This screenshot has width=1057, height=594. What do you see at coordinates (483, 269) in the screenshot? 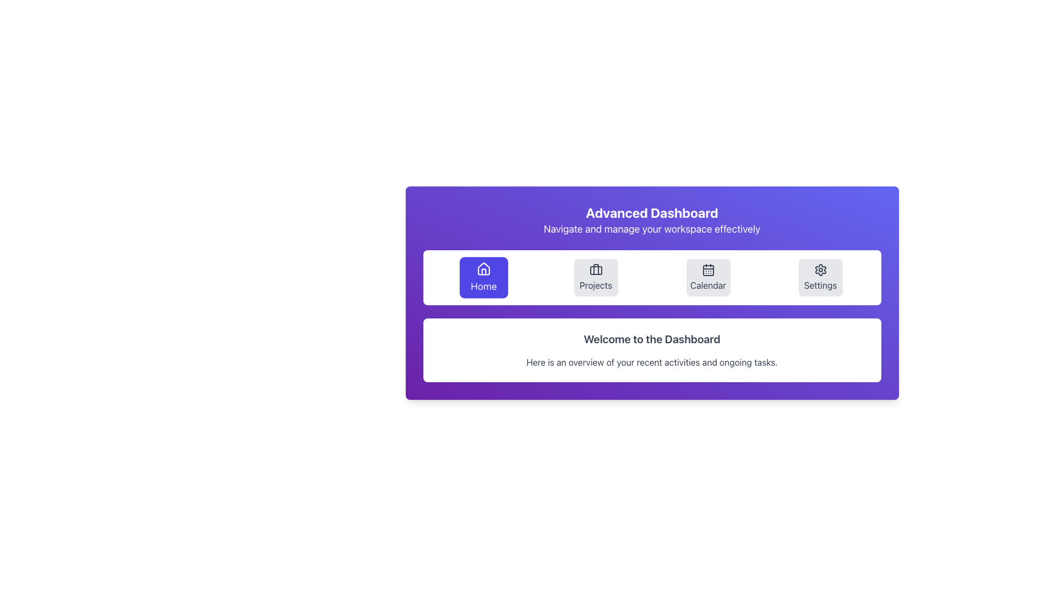
I see `the home icon located within the purple button labeled 'Home' in the leftmost section of the navigation bar` at bounding box center [483, 269].